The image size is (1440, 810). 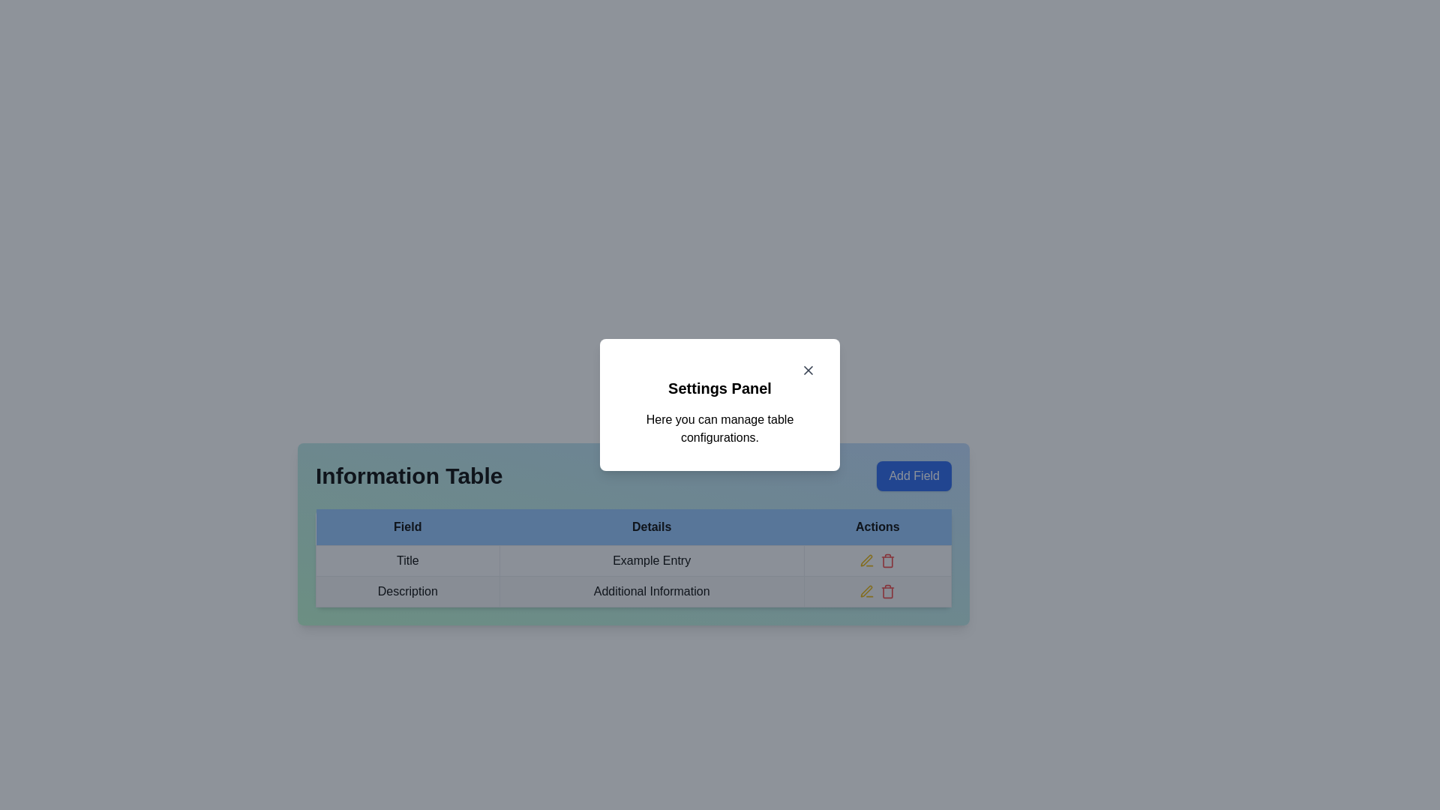 What do you see at coordinates (633, 574) in the screenshot?
I see `the data row` at bounding box center [633, 574].